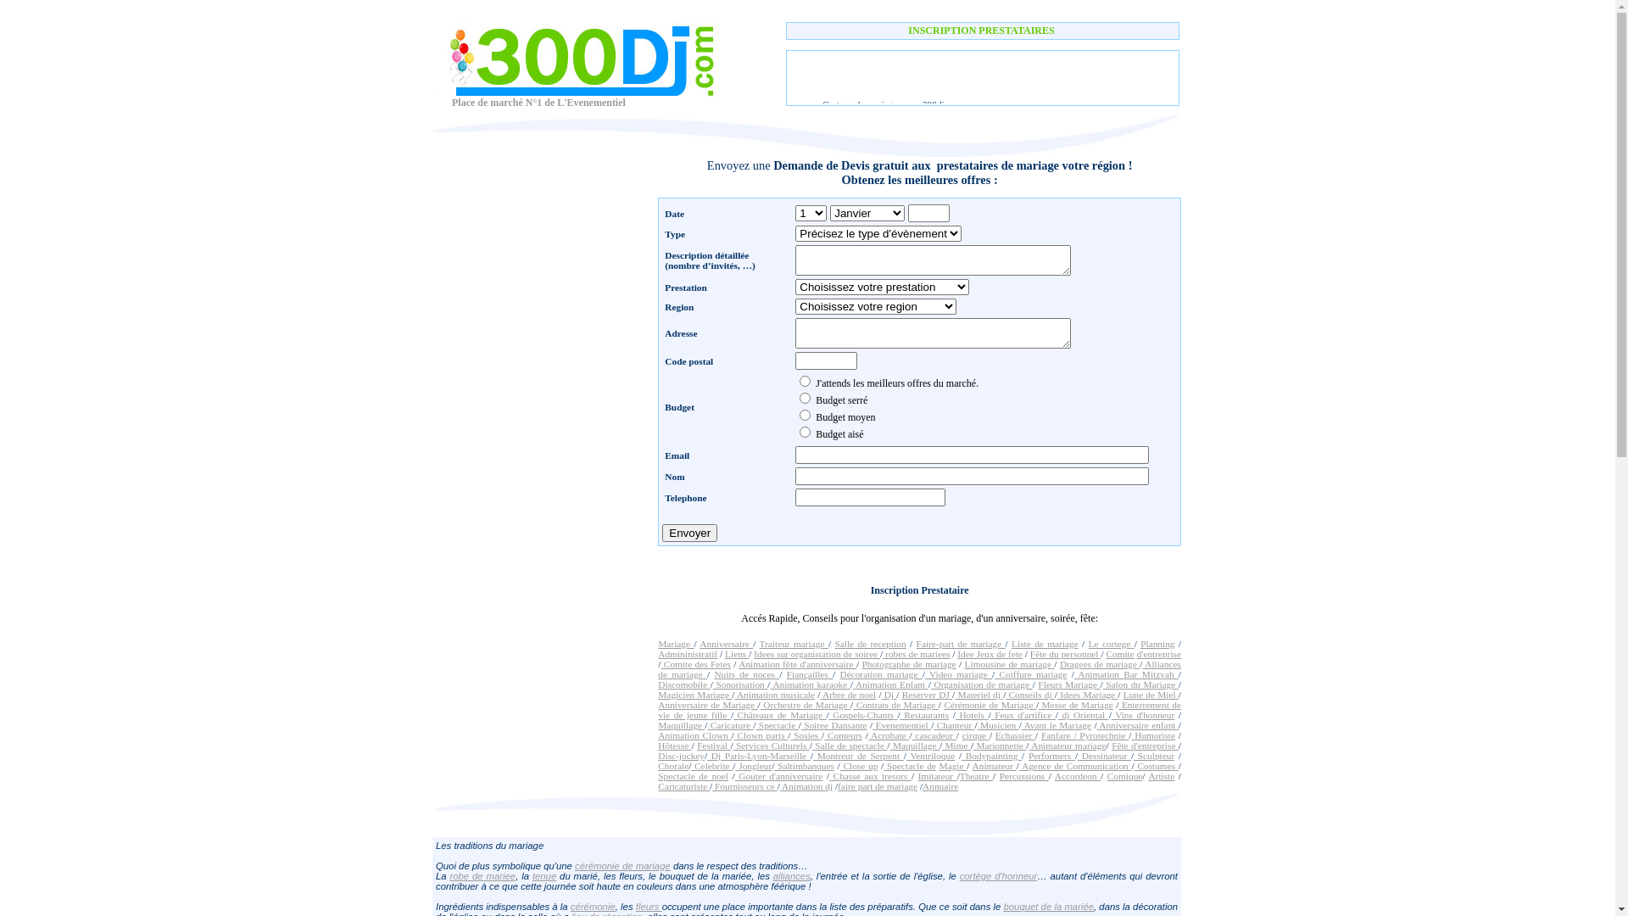 This screenshot has width=1628, height=916. Describe the element at coordinates (657, 734) in the screenshot. I see `'Animation Clown'` at that location.